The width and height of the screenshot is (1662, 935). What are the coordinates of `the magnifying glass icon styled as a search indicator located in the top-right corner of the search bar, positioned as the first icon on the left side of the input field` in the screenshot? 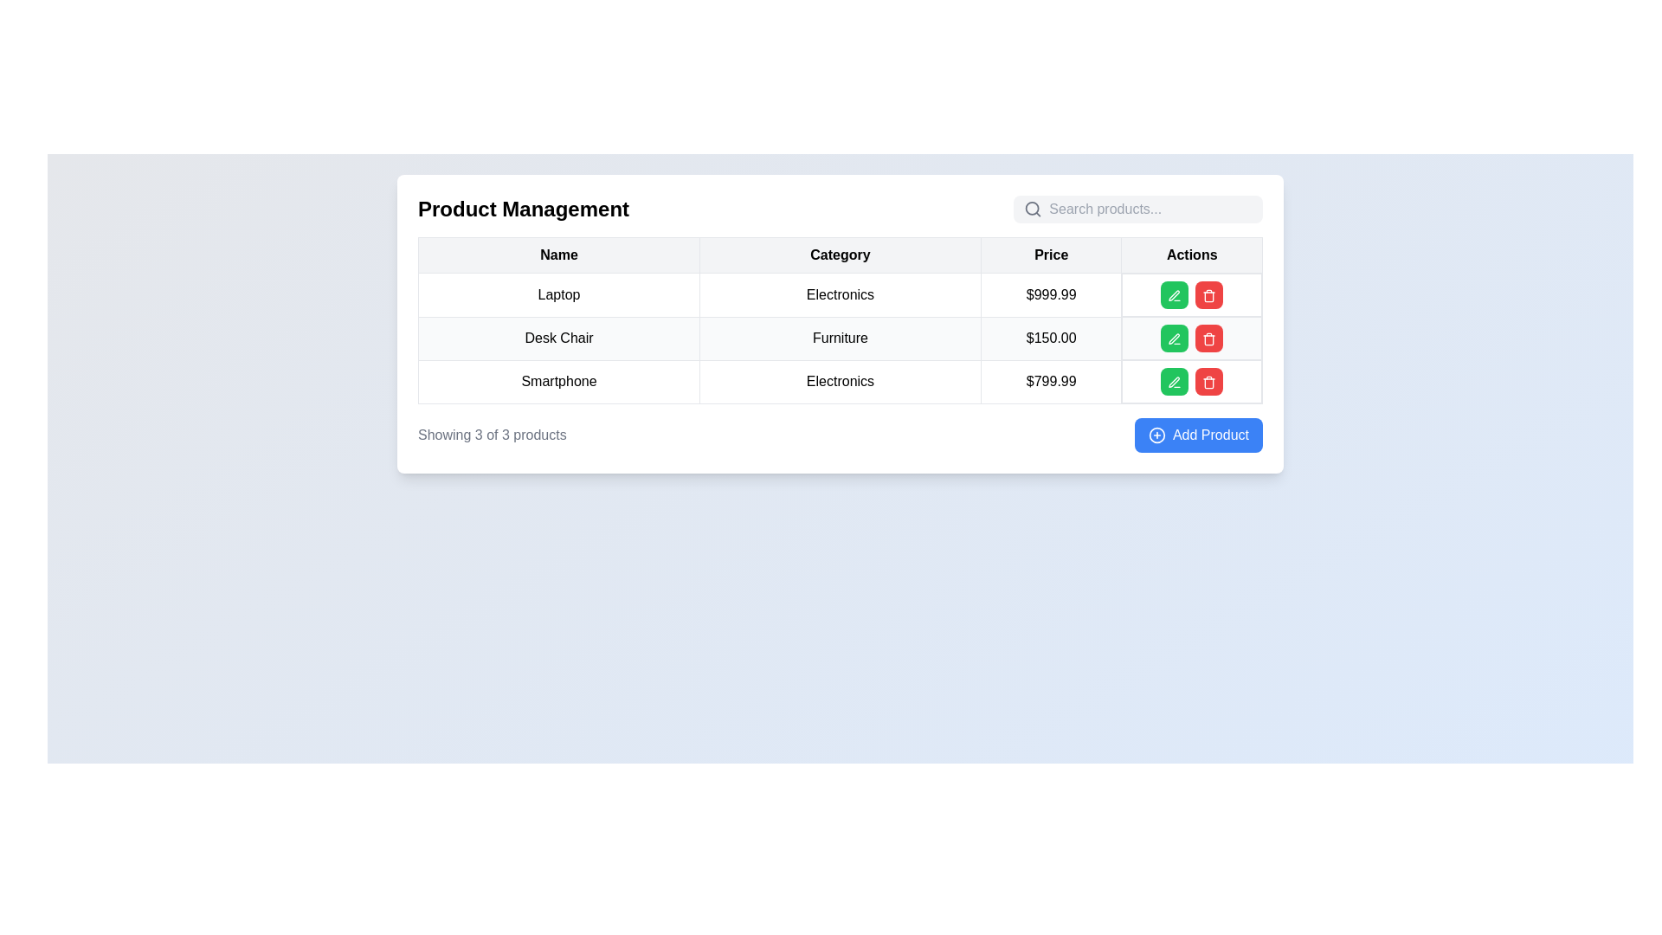 It's located at (1033, 209).